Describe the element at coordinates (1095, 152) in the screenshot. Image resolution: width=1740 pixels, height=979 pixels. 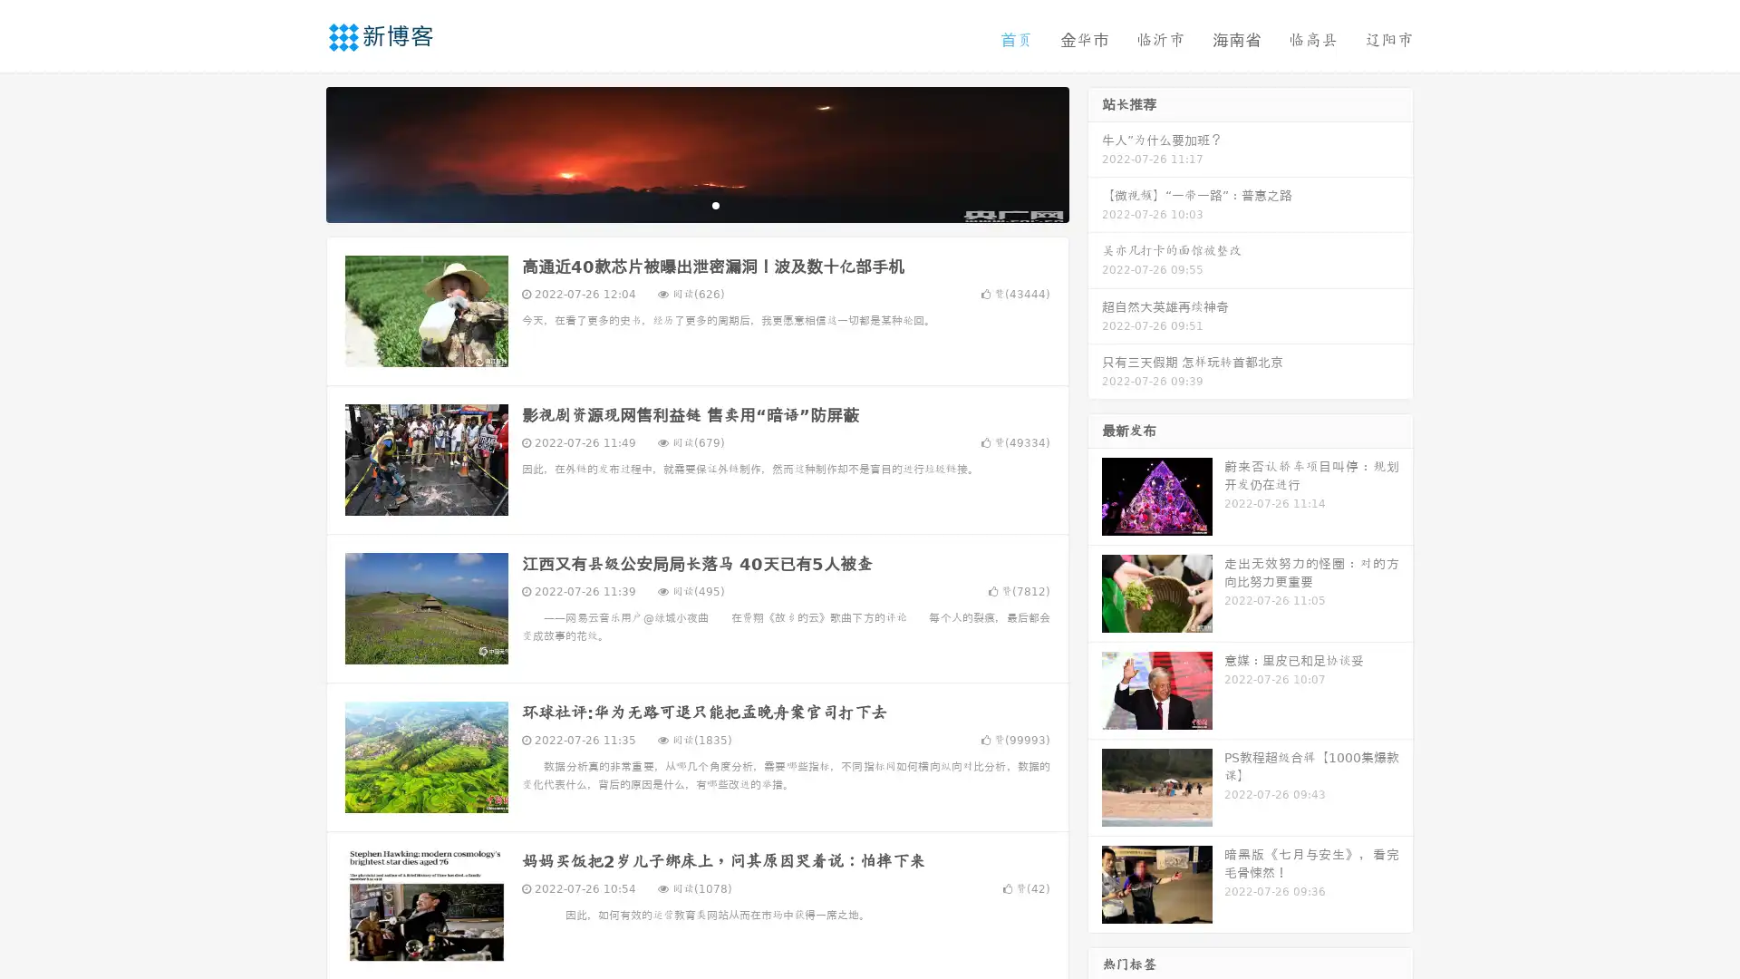
I see `Next slide` at that location.